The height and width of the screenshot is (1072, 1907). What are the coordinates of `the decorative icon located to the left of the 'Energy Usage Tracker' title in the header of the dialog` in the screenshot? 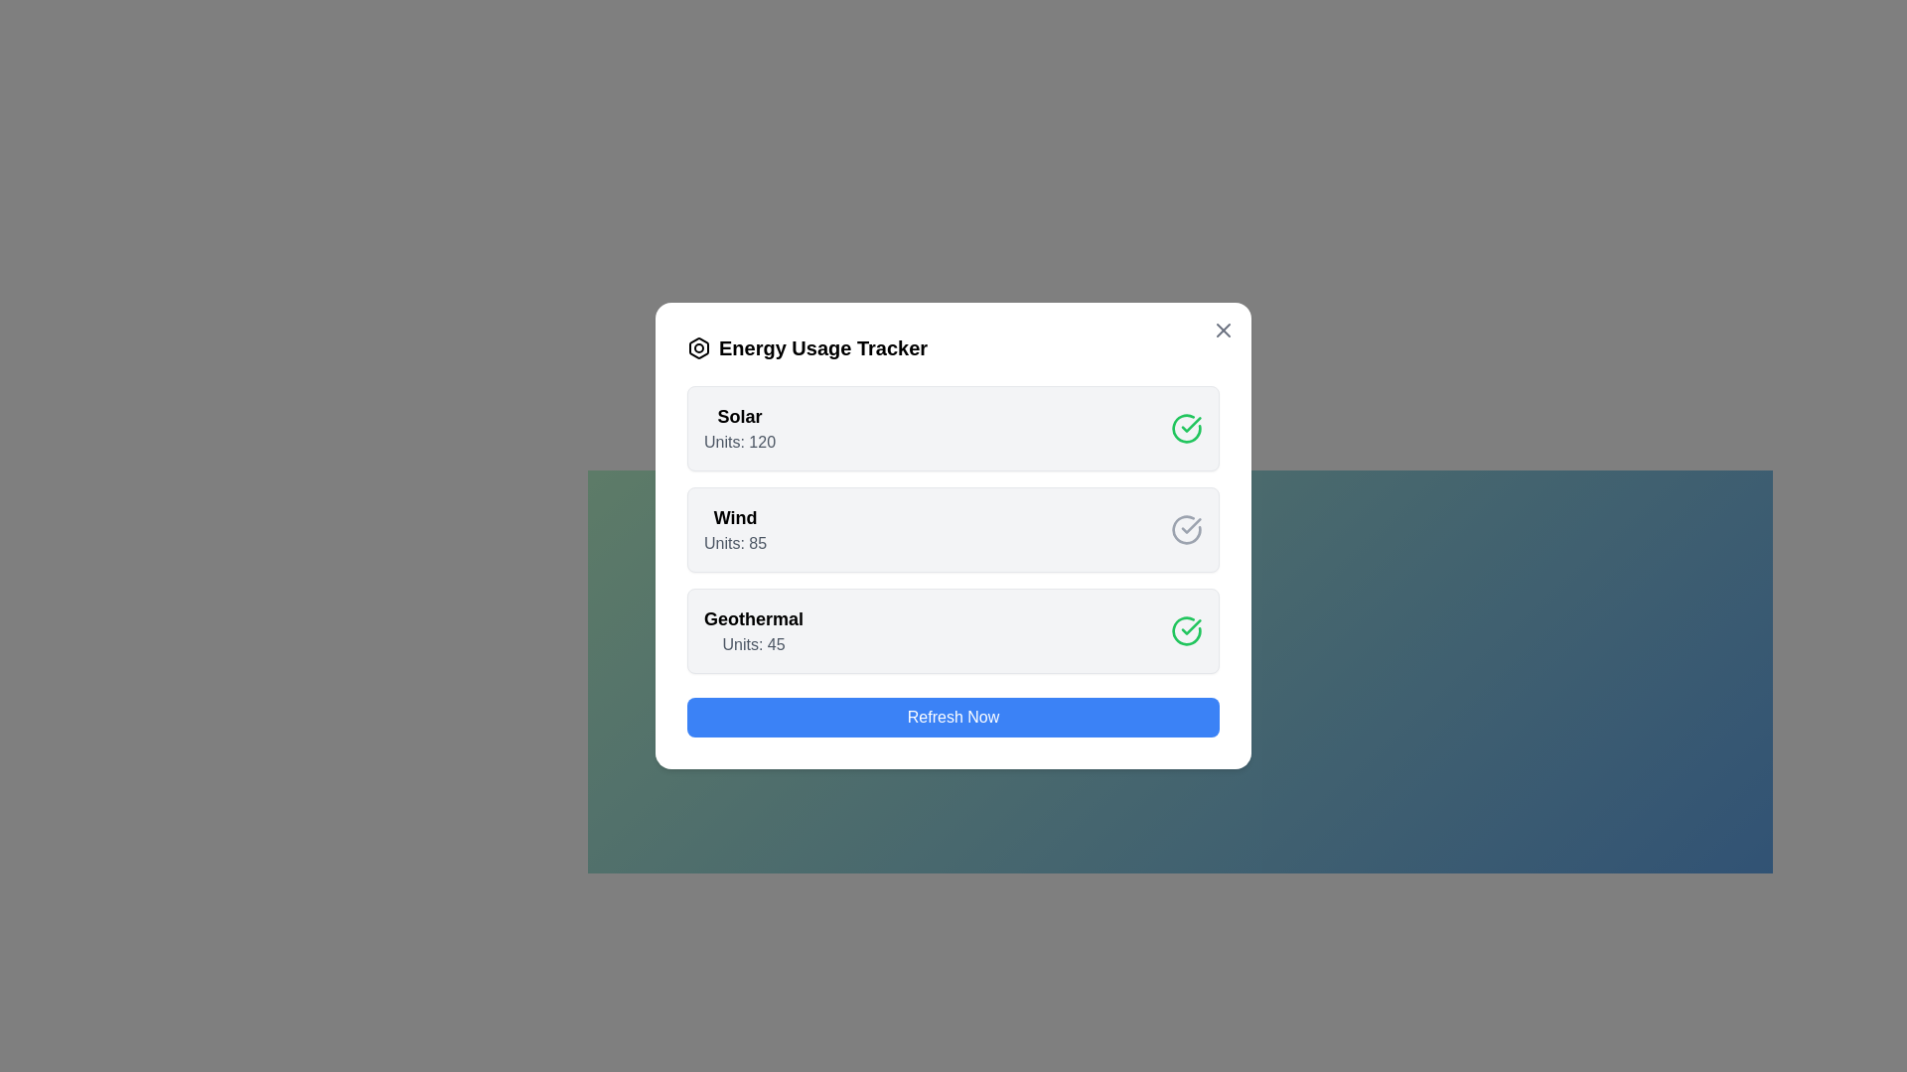 It's located at (699, 347).